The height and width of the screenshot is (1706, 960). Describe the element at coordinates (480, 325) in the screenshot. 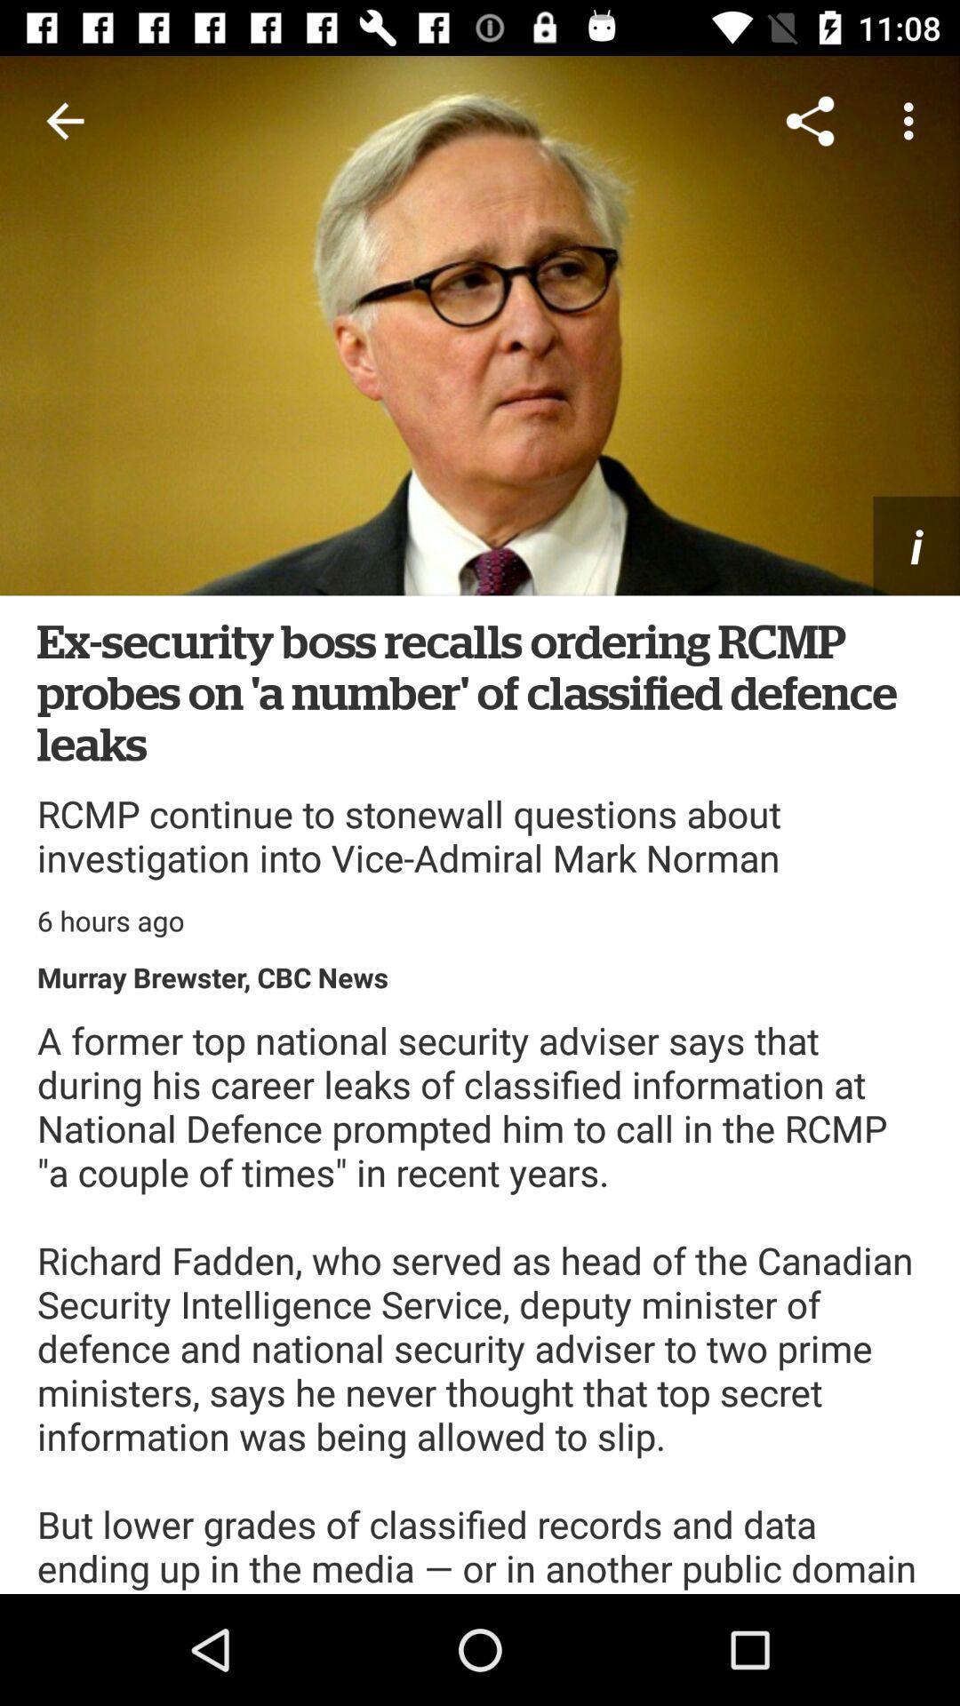

I see `item above the ex security boss item` at that location.